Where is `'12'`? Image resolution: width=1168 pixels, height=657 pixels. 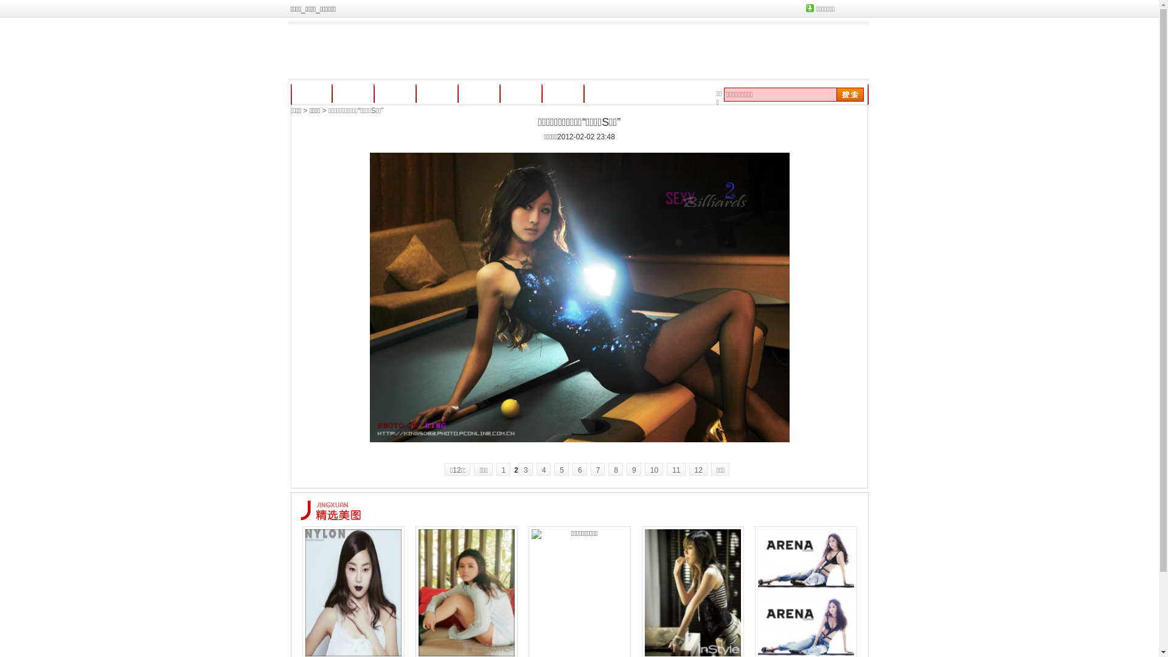
'12' is located at coordinates (698, 468).